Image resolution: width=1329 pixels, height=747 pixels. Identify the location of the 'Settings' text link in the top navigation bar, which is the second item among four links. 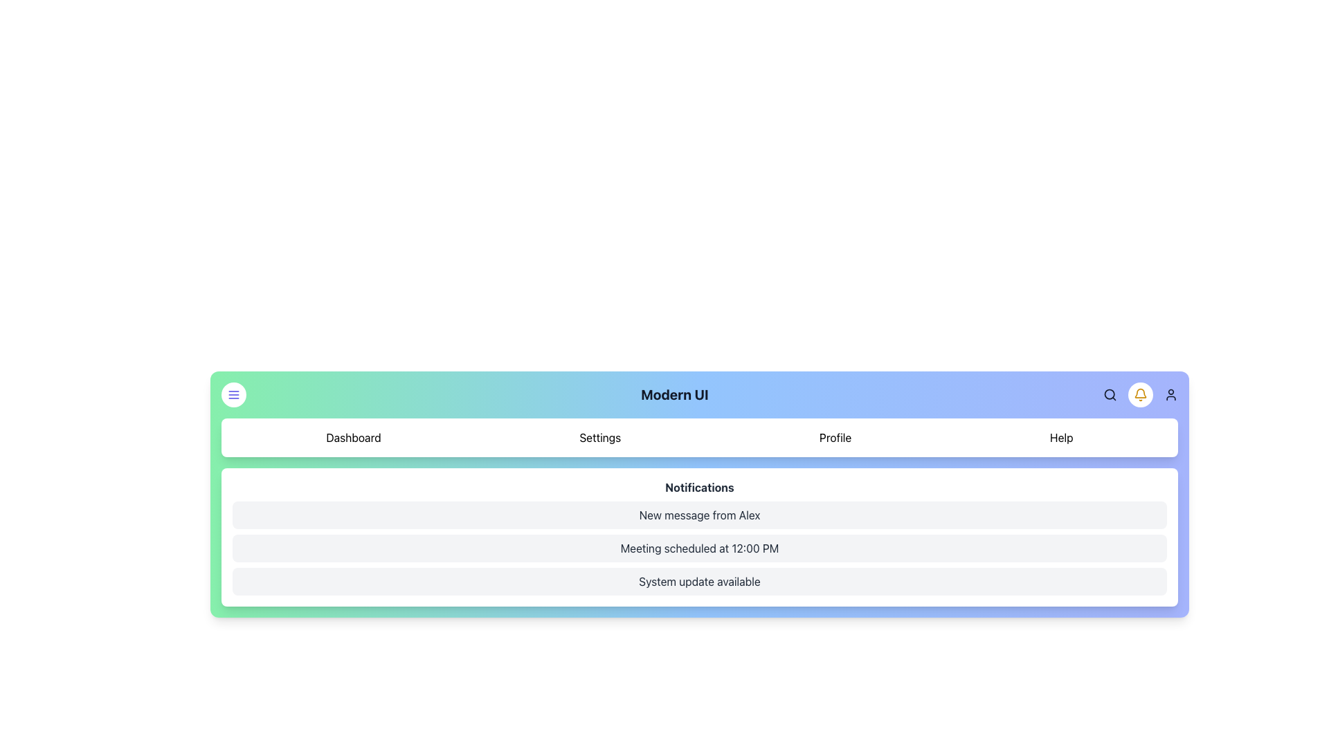
(600, 437).